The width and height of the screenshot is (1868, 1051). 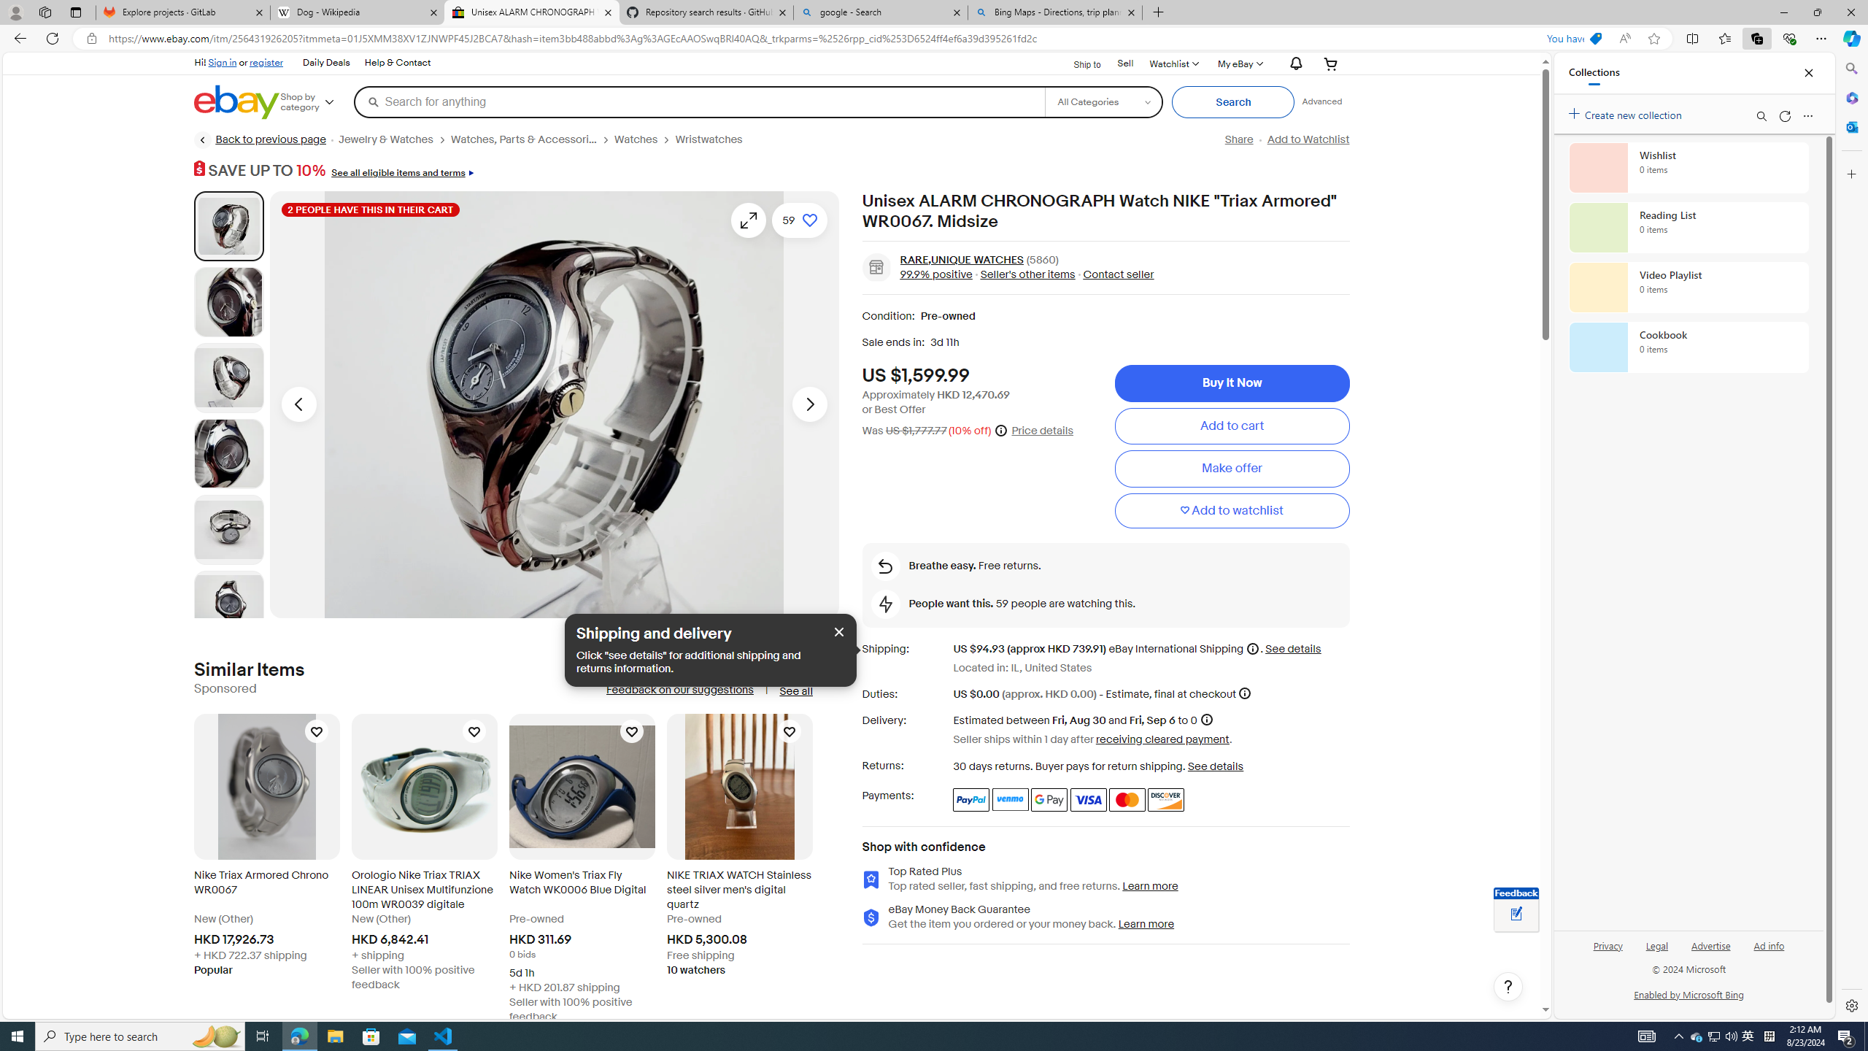 What do you see at coordinates (808, 404) in the screenshot?
I see `'Next image - Item images thumbnails'` at bounding box center [808, 404].